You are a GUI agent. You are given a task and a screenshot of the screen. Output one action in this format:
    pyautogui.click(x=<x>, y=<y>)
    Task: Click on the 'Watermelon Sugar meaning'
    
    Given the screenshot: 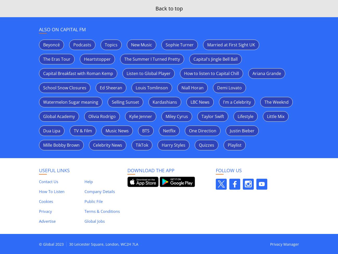 What is the action you would take?
    pyautogui.click(x=70, y=102)
    